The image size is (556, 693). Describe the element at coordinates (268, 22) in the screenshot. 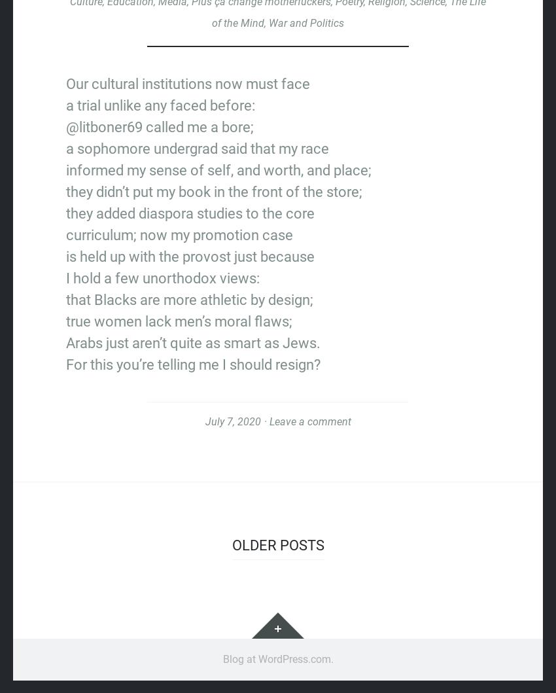

I see `'War and Politics'` at that location.